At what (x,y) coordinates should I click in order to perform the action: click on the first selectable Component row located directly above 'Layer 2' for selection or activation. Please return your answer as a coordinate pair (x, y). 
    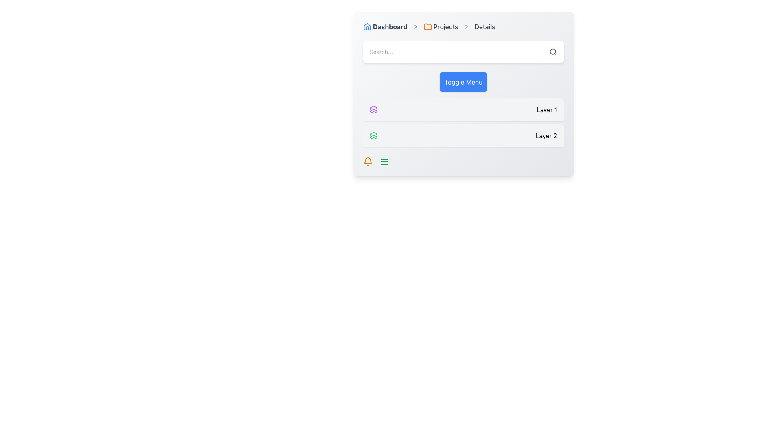
    Looking at the image, I should click on (463, 110).